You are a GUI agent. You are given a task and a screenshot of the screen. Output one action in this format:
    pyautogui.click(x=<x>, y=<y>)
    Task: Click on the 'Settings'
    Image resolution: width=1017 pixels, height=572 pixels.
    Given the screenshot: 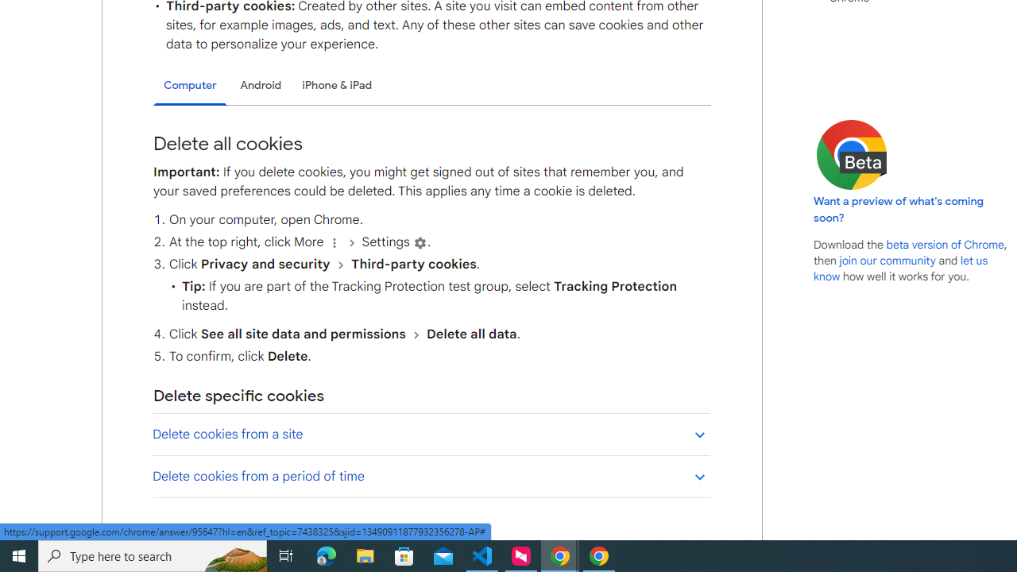 What is the action you would take?
    pyautogui.click(x=420, y=242)
    